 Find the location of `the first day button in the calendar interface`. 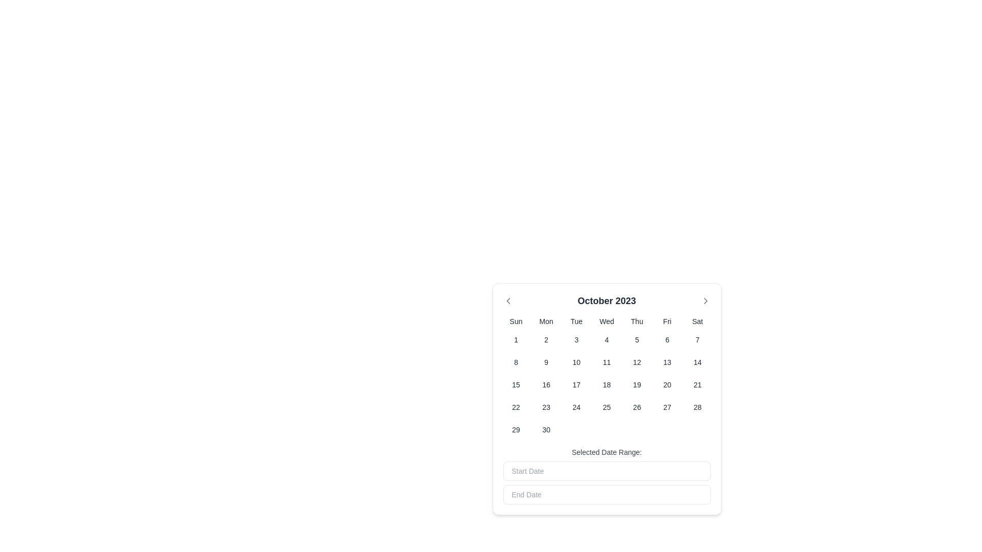

the first day button in the calendar interface is located at coordinates (516, 339).